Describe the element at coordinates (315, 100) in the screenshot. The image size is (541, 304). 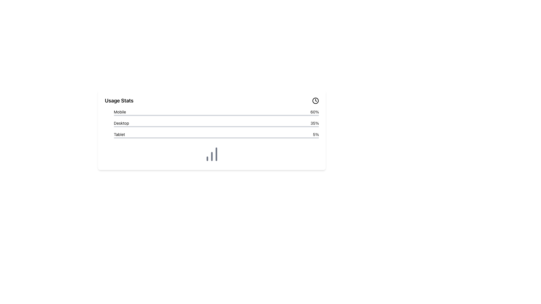
I see `the Decorative SVG Circle that represents the border of the clock icon in the top-right corner of the 'Usage Stats' card` at that location.